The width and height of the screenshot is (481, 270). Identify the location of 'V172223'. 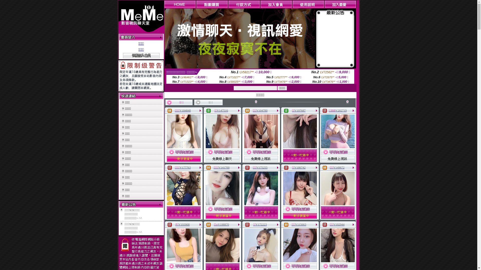
(255, 224).